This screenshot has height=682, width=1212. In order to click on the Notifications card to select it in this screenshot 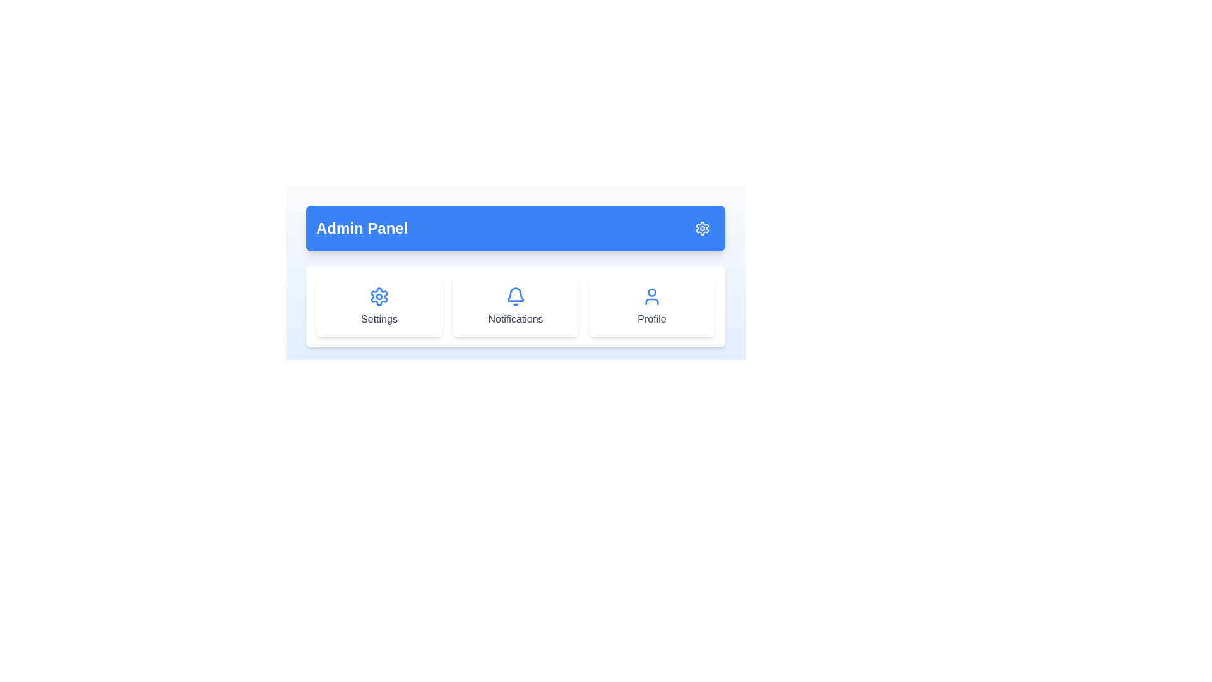, I will do `click(515, 307)`.